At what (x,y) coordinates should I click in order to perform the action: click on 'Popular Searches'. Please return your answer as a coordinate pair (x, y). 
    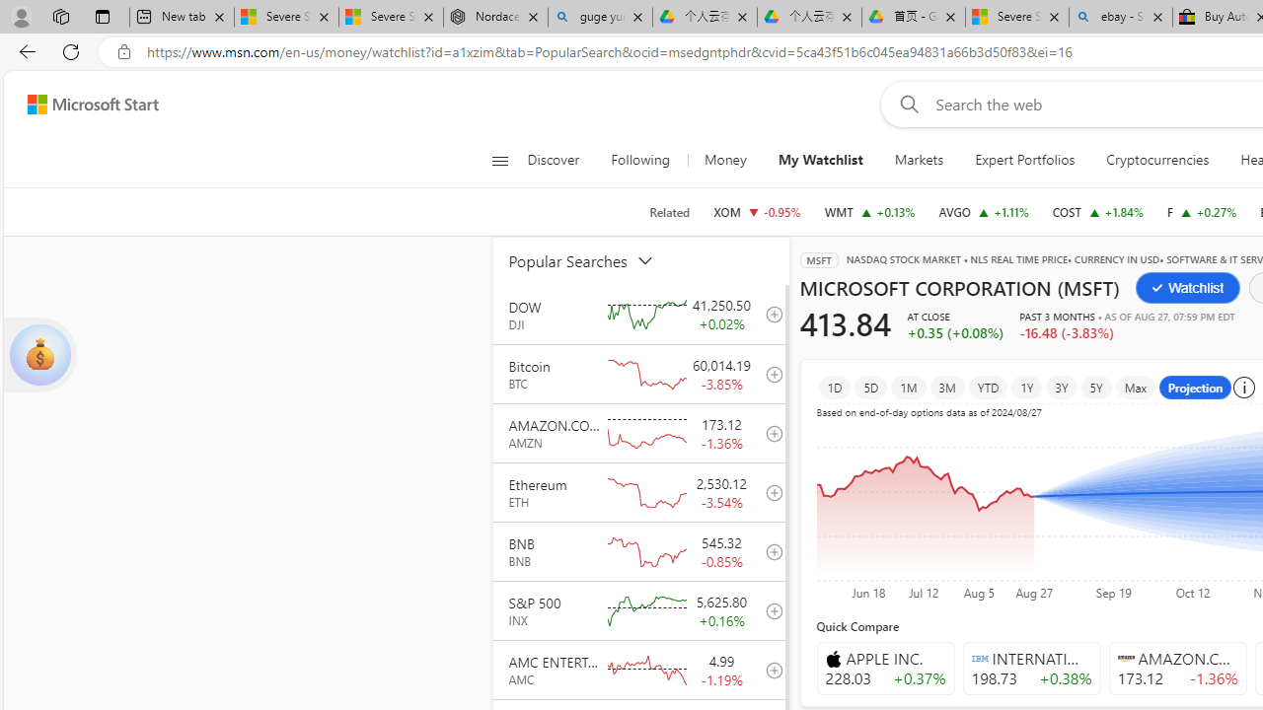
    Looking at the image, I should click on (592, 259).